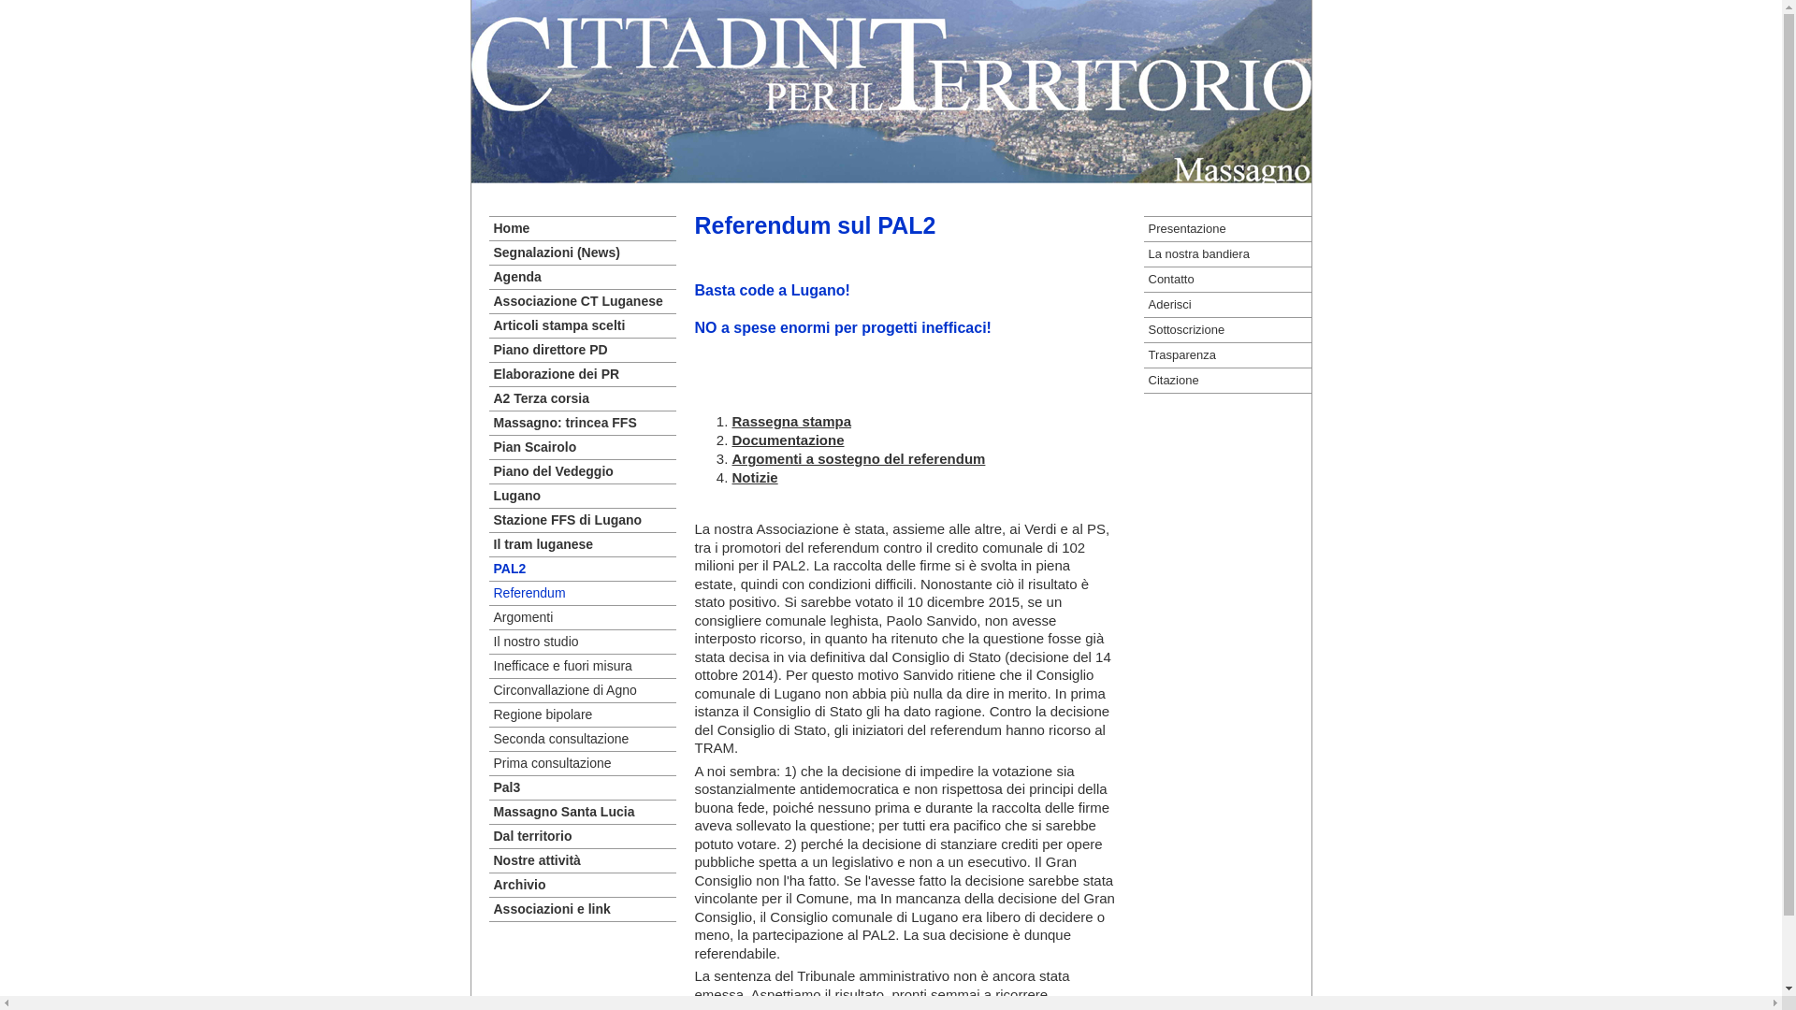 The width and height of the screenshot is (1796, 1010). Describe the element at coordinates (787, 440) in the screenshot. I see `'Documentazione'` at that location.